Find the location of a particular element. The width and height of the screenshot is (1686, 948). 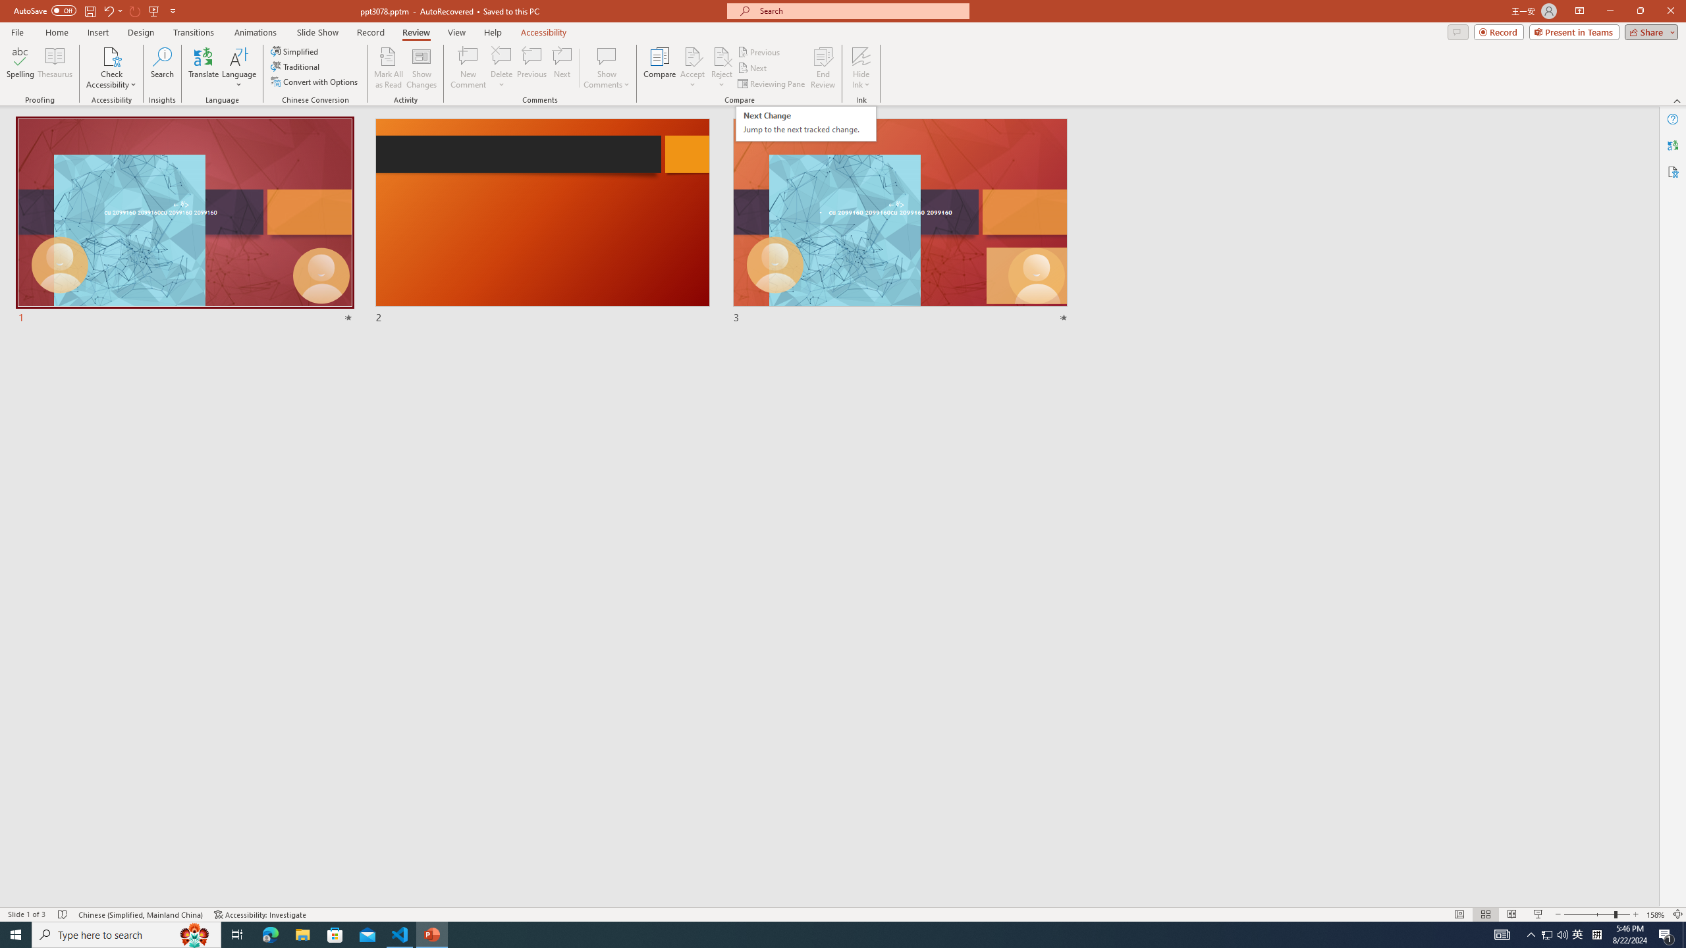

'Compare' is located at coordinates (660, 68).